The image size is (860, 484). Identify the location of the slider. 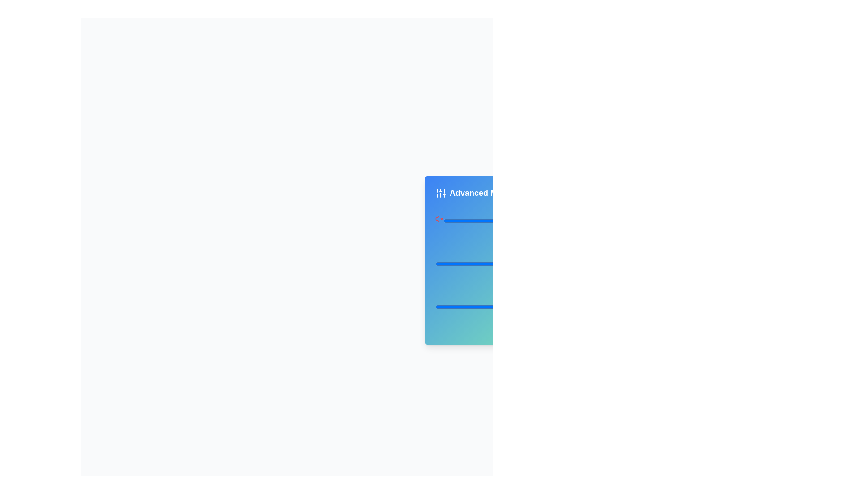
(560, 221).